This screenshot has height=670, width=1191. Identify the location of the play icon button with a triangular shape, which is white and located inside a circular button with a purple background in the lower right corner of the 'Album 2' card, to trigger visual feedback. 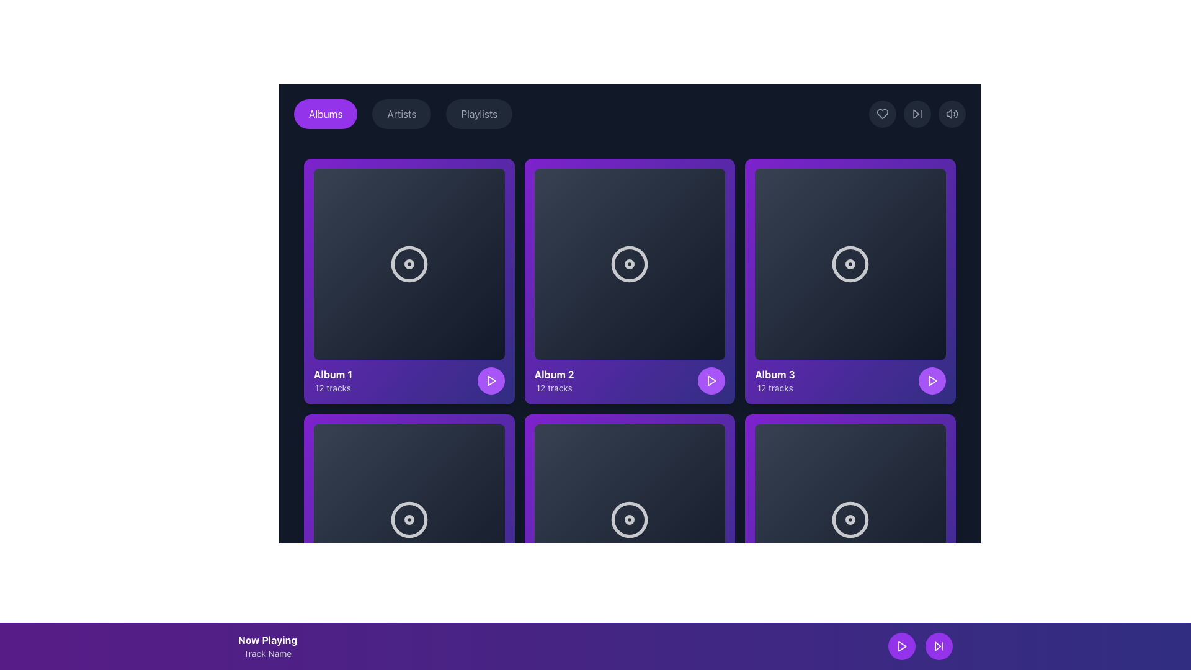
(490, 380).